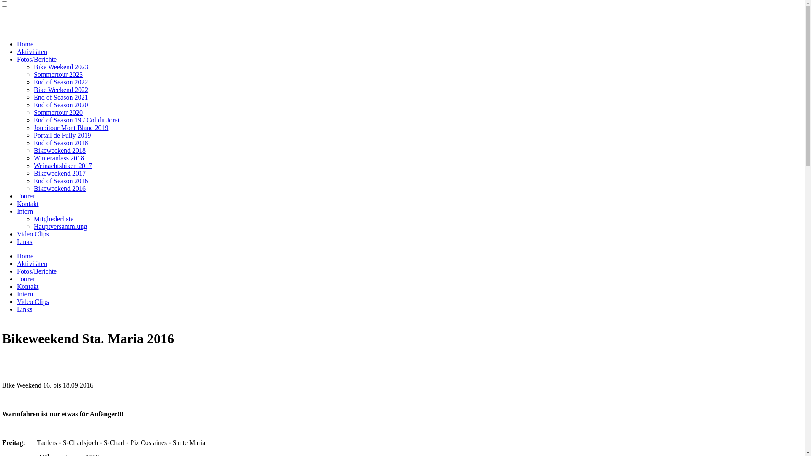 This screenshot has width=811, height=456. Describe the element at coordinates (58, 158) in the screenshot. I see `'Winteranlass 2018'` at that location.